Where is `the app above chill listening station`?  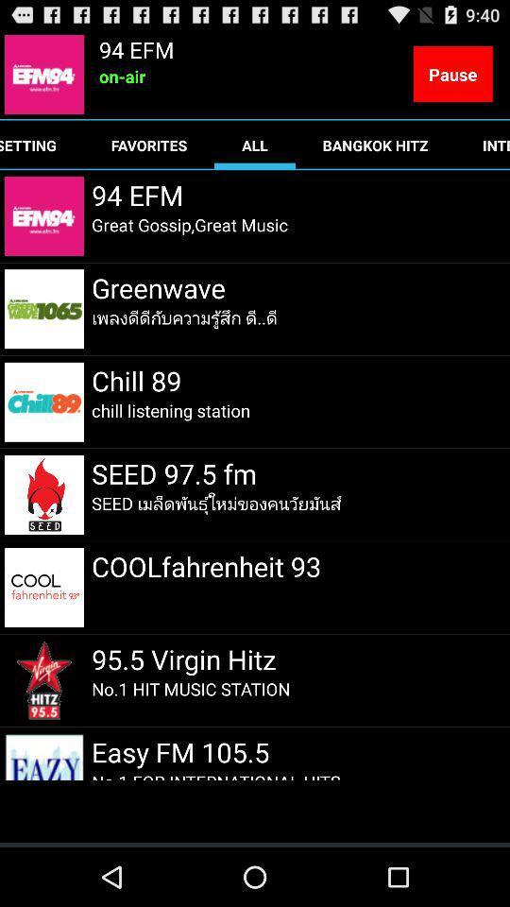 the app above chill listening station is located at coordinates (135, 379).